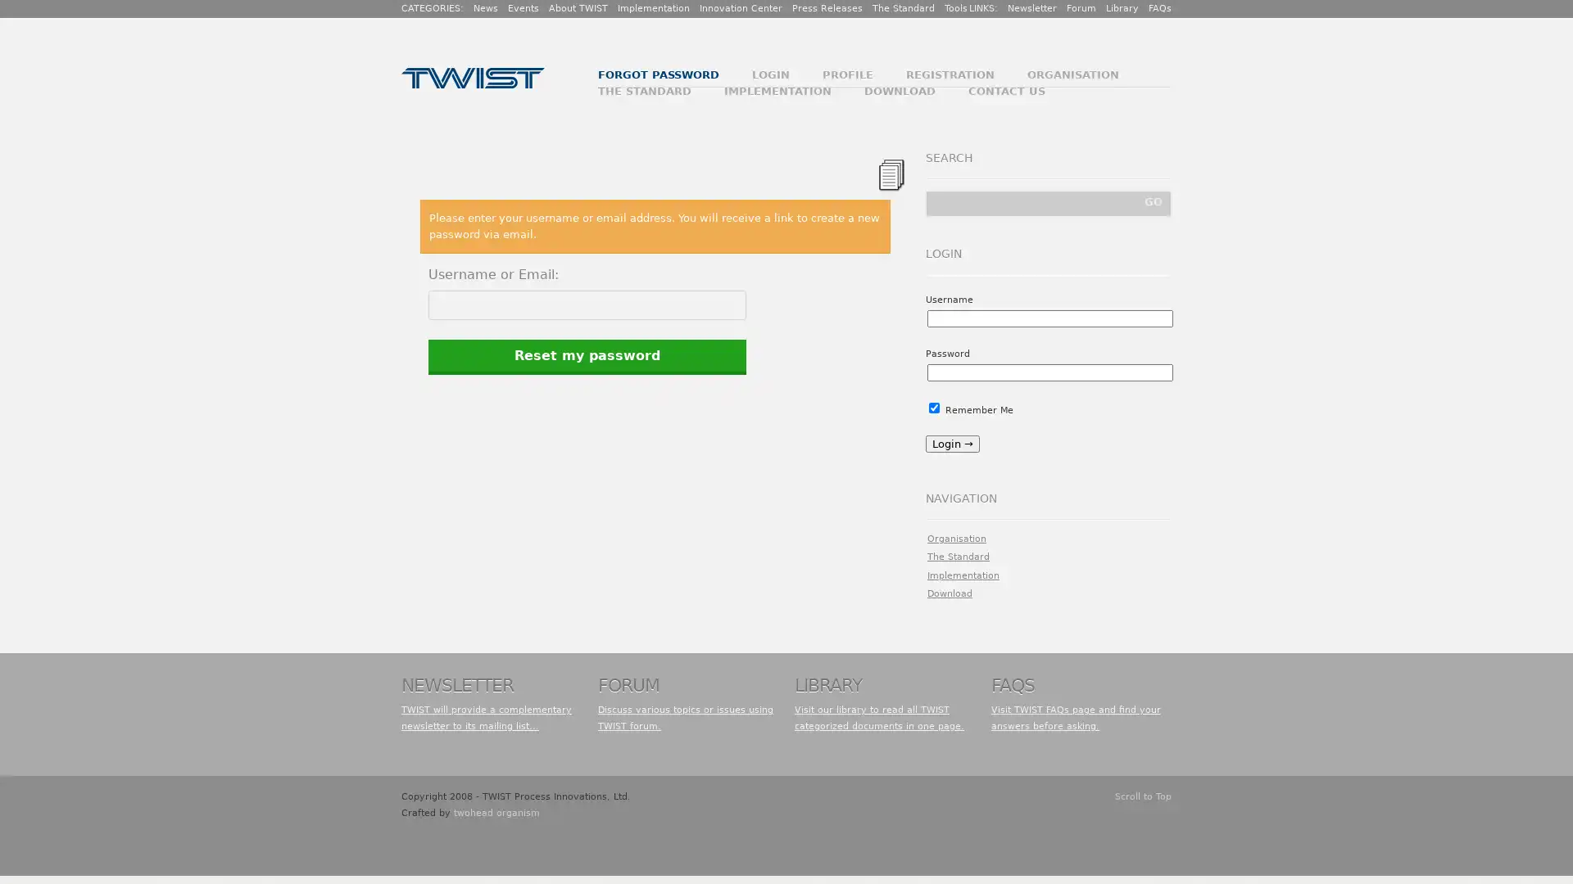 The height and width of the screenshot is (884, 1573). What do you see at coordinates (1152, 201) in the screenshot?
I see `GO` at bounding box center [1152, 201].